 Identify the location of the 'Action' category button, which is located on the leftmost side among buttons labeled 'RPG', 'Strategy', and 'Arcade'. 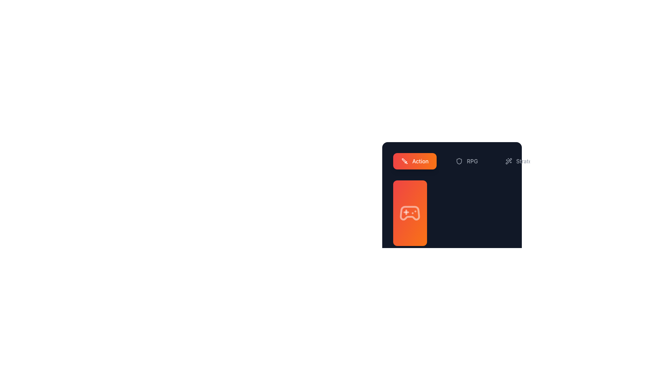
(414, 161).